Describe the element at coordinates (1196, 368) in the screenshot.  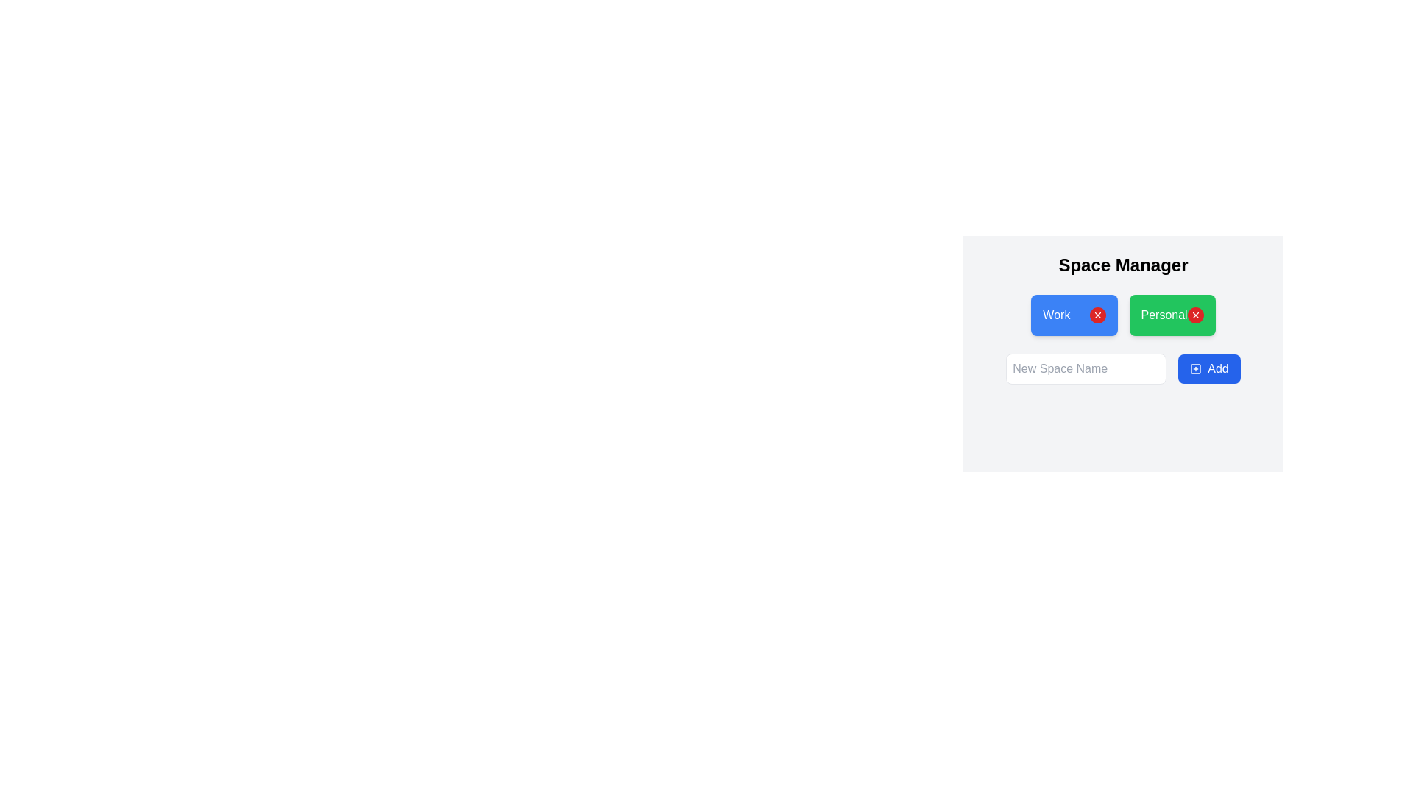
I see `the SVG shape component representing a plus or addition symbol, which is part of an icon located near the 'Add' button` at that location.